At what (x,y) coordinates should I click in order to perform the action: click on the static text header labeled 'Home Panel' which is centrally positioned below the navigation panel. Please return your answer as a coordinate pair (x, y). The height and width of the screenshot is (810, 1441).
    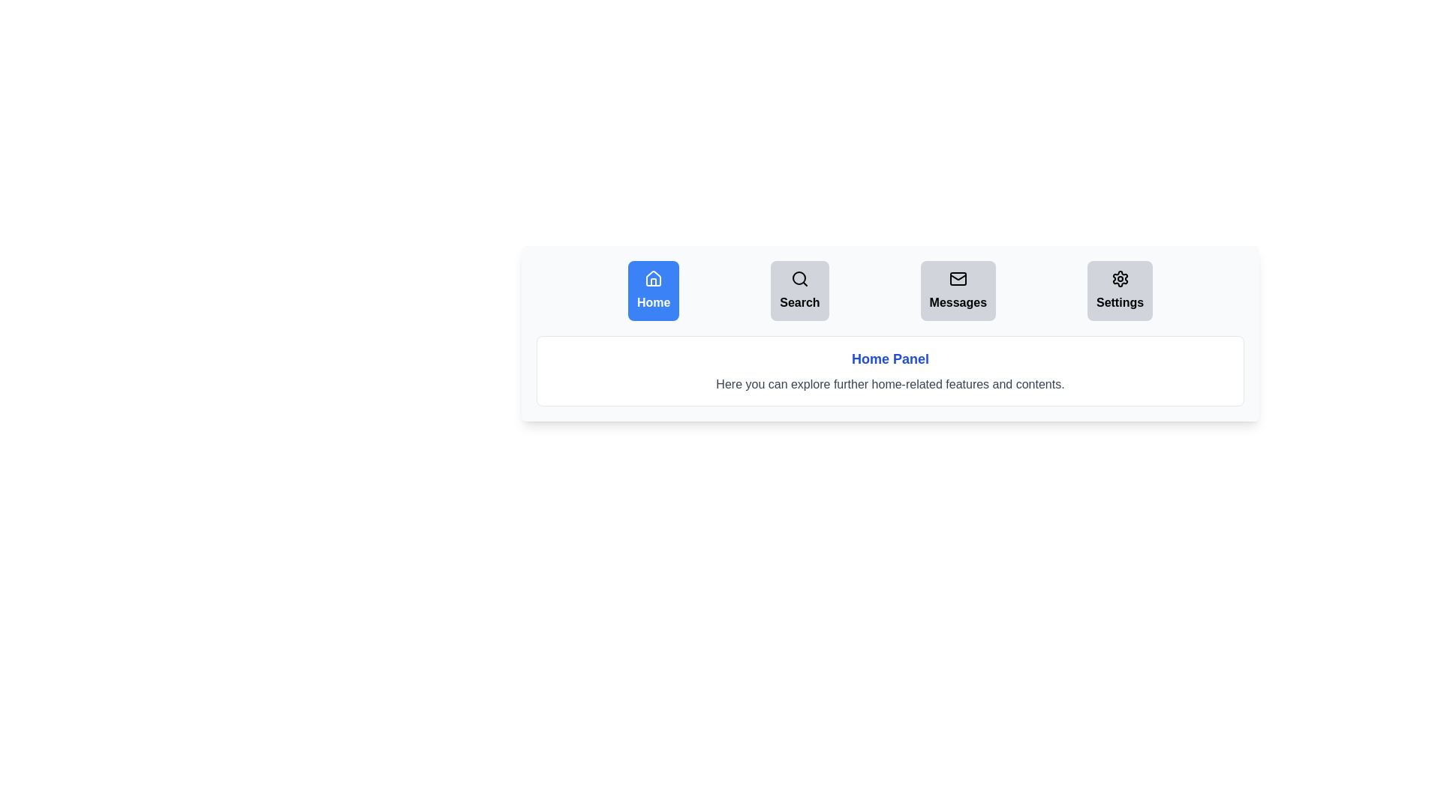
    Looking at the image, I should click on (890, 358).